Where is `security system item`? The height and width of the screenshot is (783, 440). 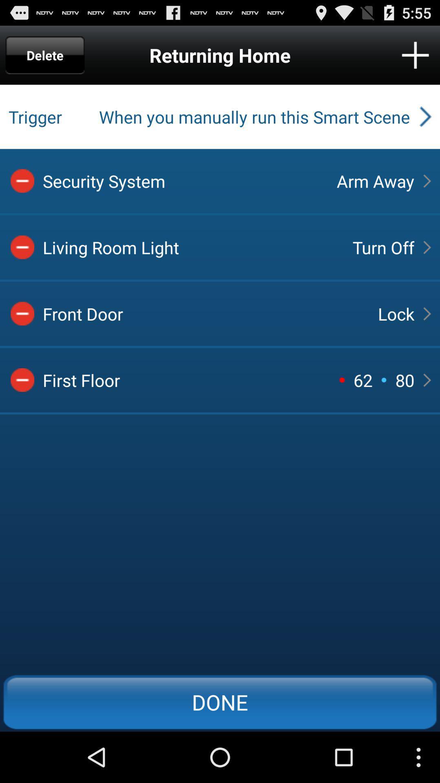 security system item is located at coordinates (182, 180).